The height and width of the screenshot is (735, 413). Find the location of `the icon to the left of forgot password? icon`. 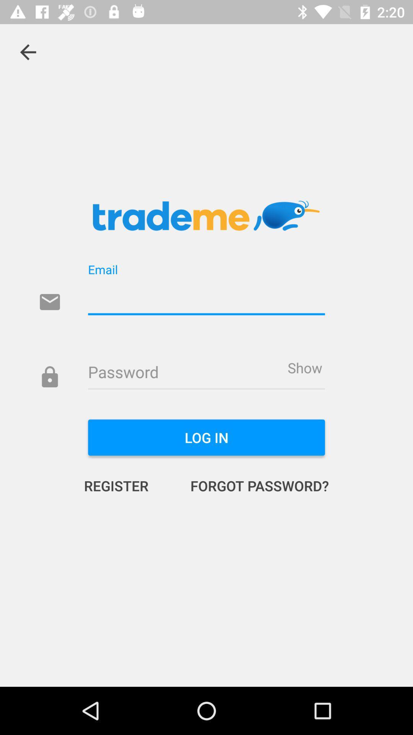

the icon to the left of forgot password? icon is located at coordinates (124, 485).